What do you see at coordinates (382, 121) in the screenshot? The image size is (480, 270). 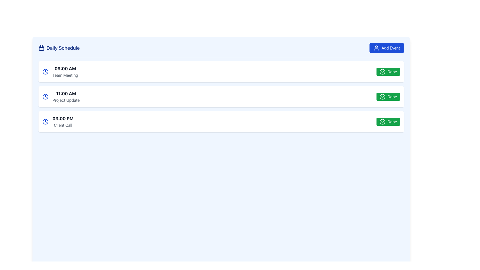 I see `the circular checkmark icon with a green outline and white interior, which indicates a 'completed' status, located inside the rightmost section of the green 'Done' button at the end of the 3:00 PM Client Call entry` at bounding box center [382, 121].